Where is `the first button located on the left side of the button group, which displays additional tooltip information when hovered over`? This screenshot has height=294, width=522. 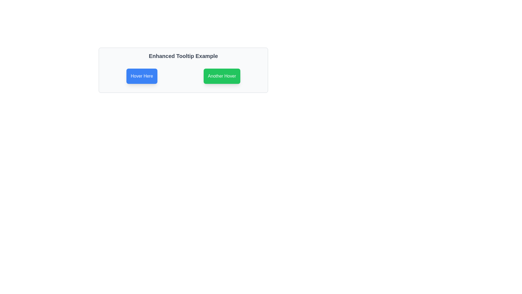 the first button located on the left side of the button group, which displays additional tooltip information when hovered over is located at coordinates (142, 76).